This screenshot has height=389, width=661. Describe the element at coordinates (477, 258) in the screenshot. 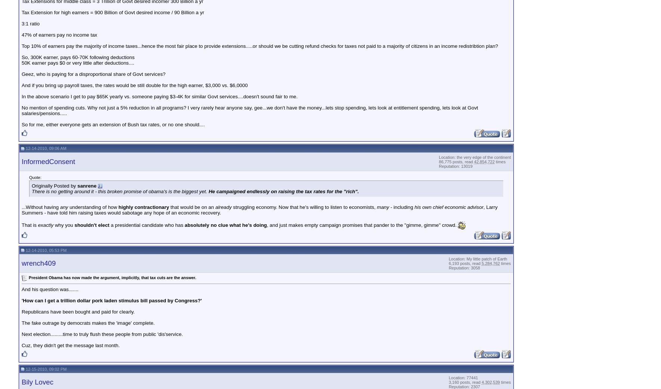

I see `'Location: My little patch of Earth'` at that location.